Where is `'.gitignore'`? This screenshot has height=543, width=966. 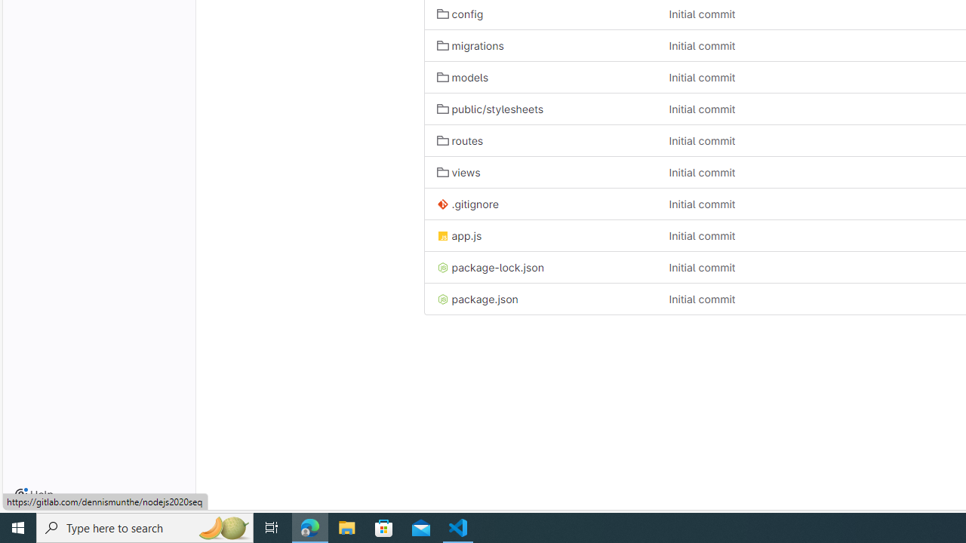 '.gitignore' is located at coordinates (466, 204).